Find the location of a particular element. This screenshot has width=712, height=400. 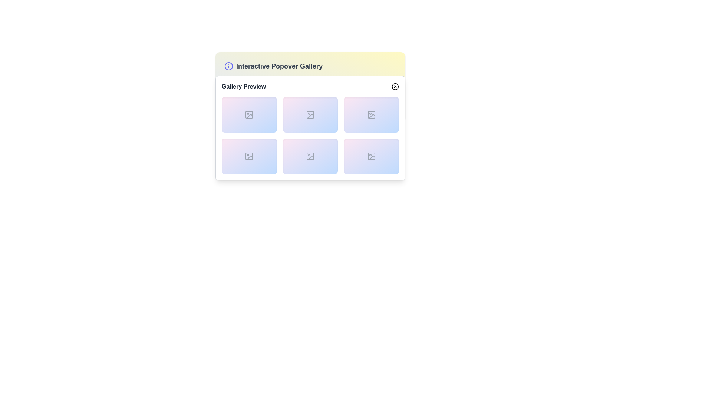

the decorative icon fragment located in the top-left cell of the 3x2 grid in the gallery preview is located at coordinates (250, 116).